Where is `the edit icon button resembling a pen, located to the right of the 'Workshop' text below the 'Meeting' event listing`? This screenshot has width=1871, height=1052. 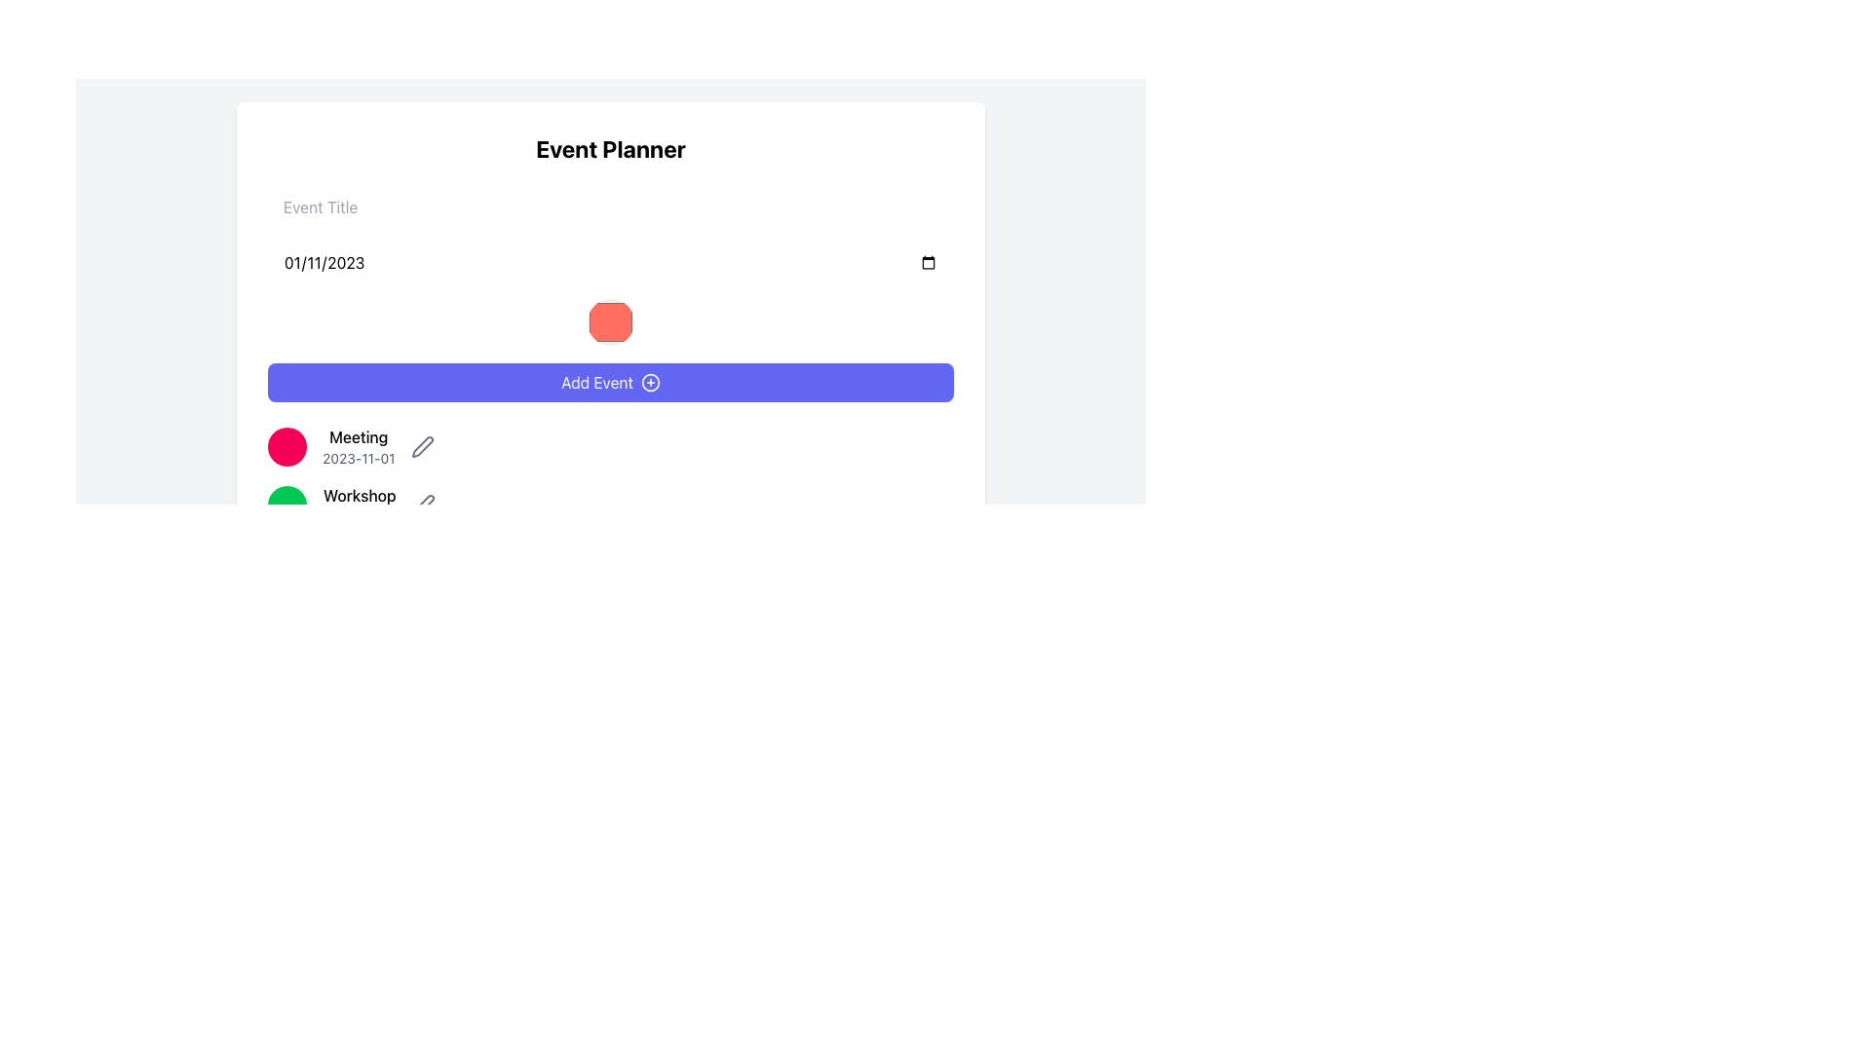 the edit icon button resembling a pen, located to the right of the 'Workshop' text below the 'Meeting' event listing is located at coordinates (423, 505).